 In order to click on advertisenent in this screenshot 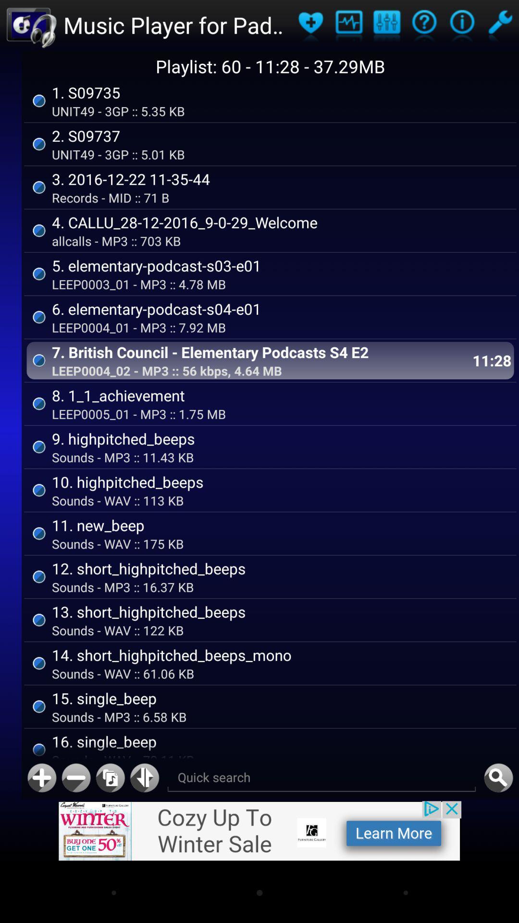, I will do `click(259, 830)`.